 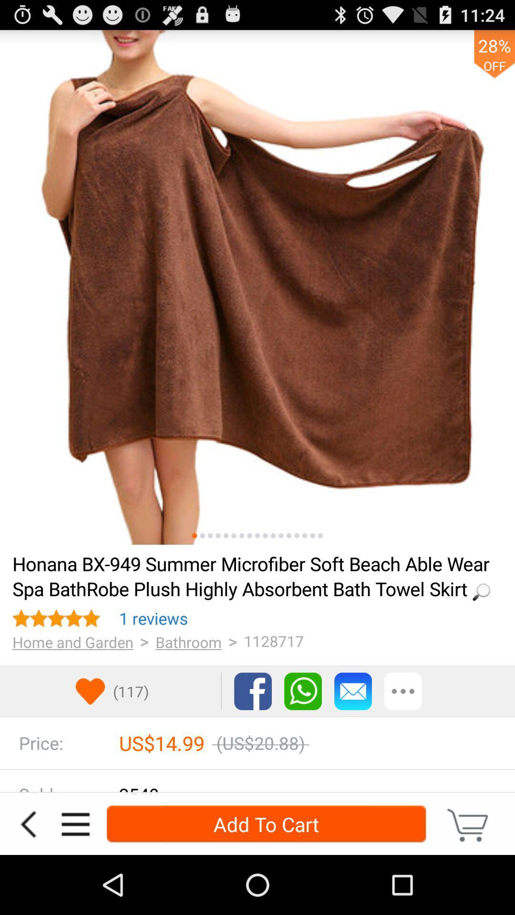 I want to click on open next image, so click(x=273, y=536).